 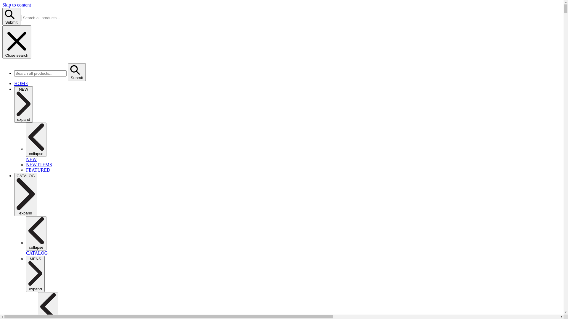 What do you see at coordinates (2, 42) in the screenshot?
I see `'Close search'` at bounding box center [2, 42].